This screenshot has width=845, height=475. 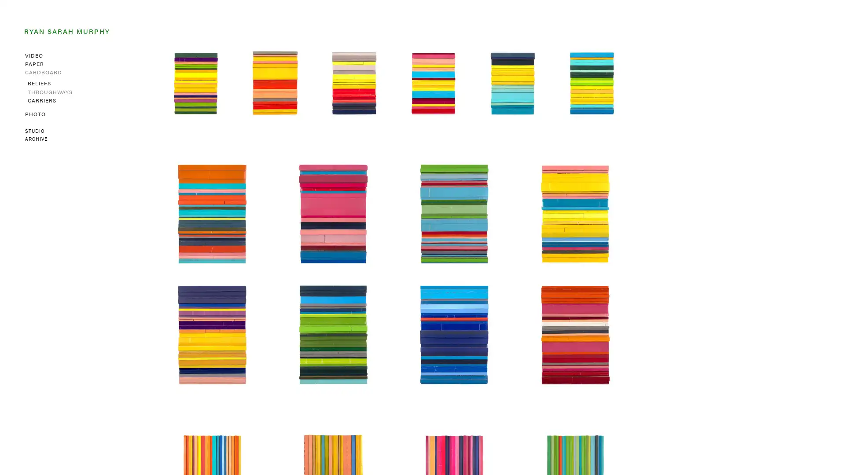 What do you see at coordinates (575, 335) in the screenshot?
I see `View fullsize Throughway - Red (Ache) , 2020 Unpainted cardboard and glue on Arches paper 11 x 7.5 inches Private Collection` at bounding box center [575, 335].